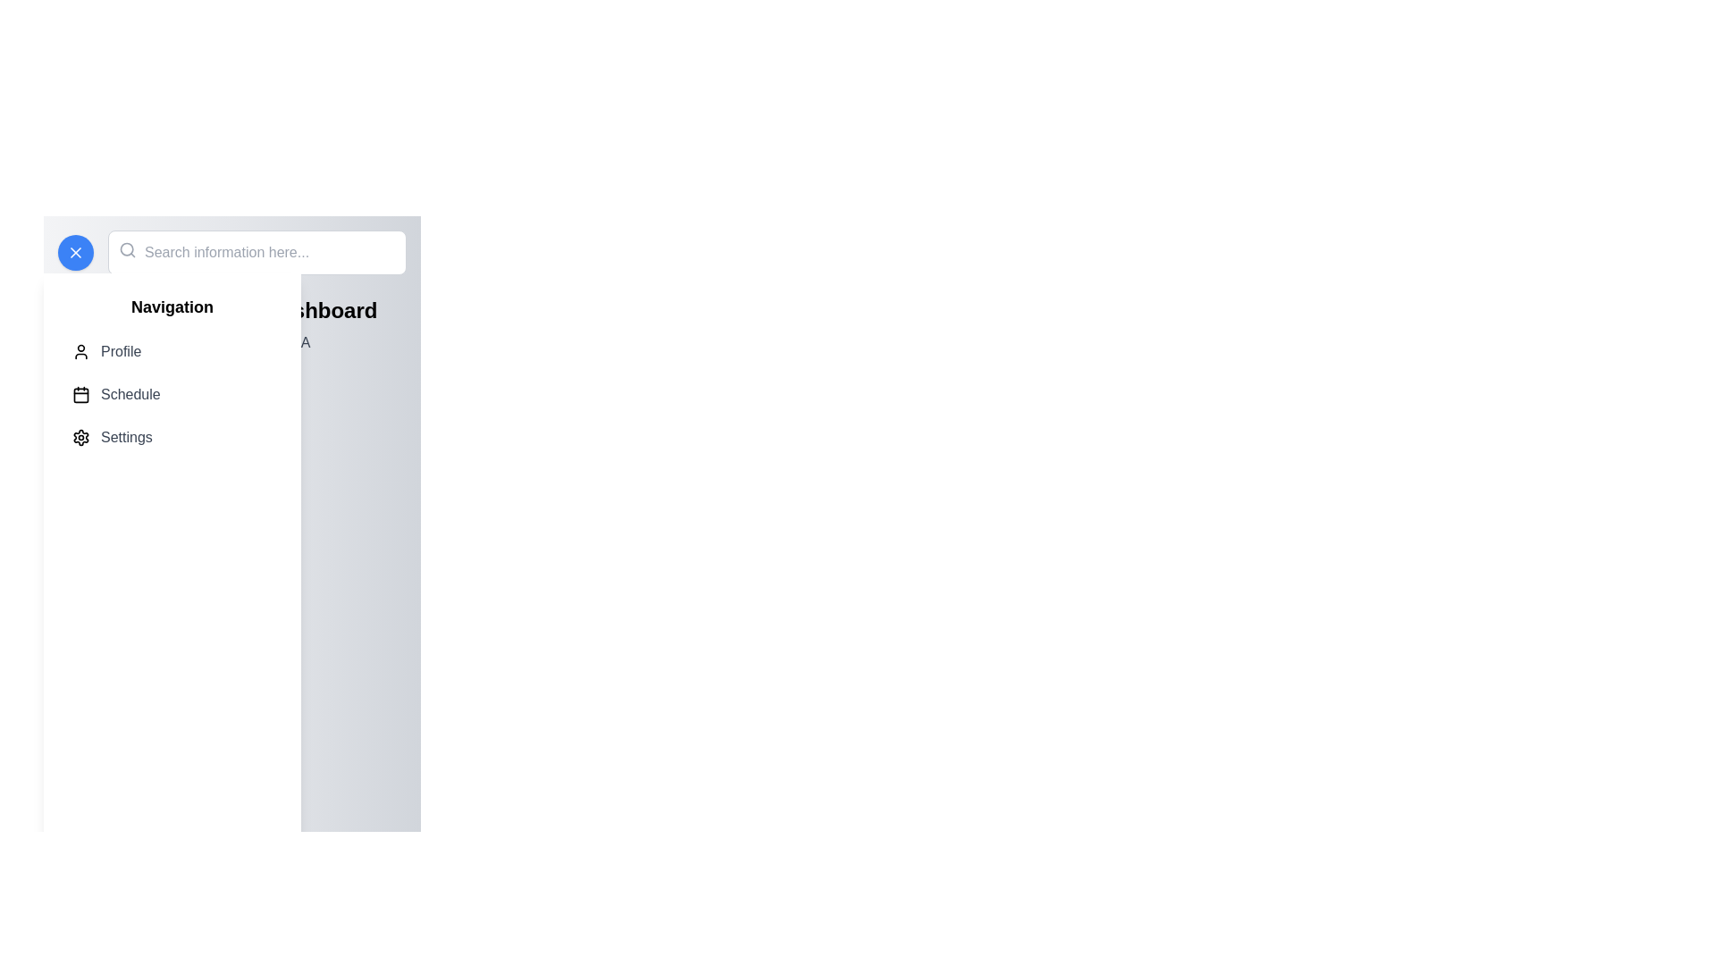  Describe the element at coordinates (75, 252) in the screenshot. I see `the close or dismiss button icon located in the top-left section of the interface, which is a blue circular button aligned with a search bar` at that location.